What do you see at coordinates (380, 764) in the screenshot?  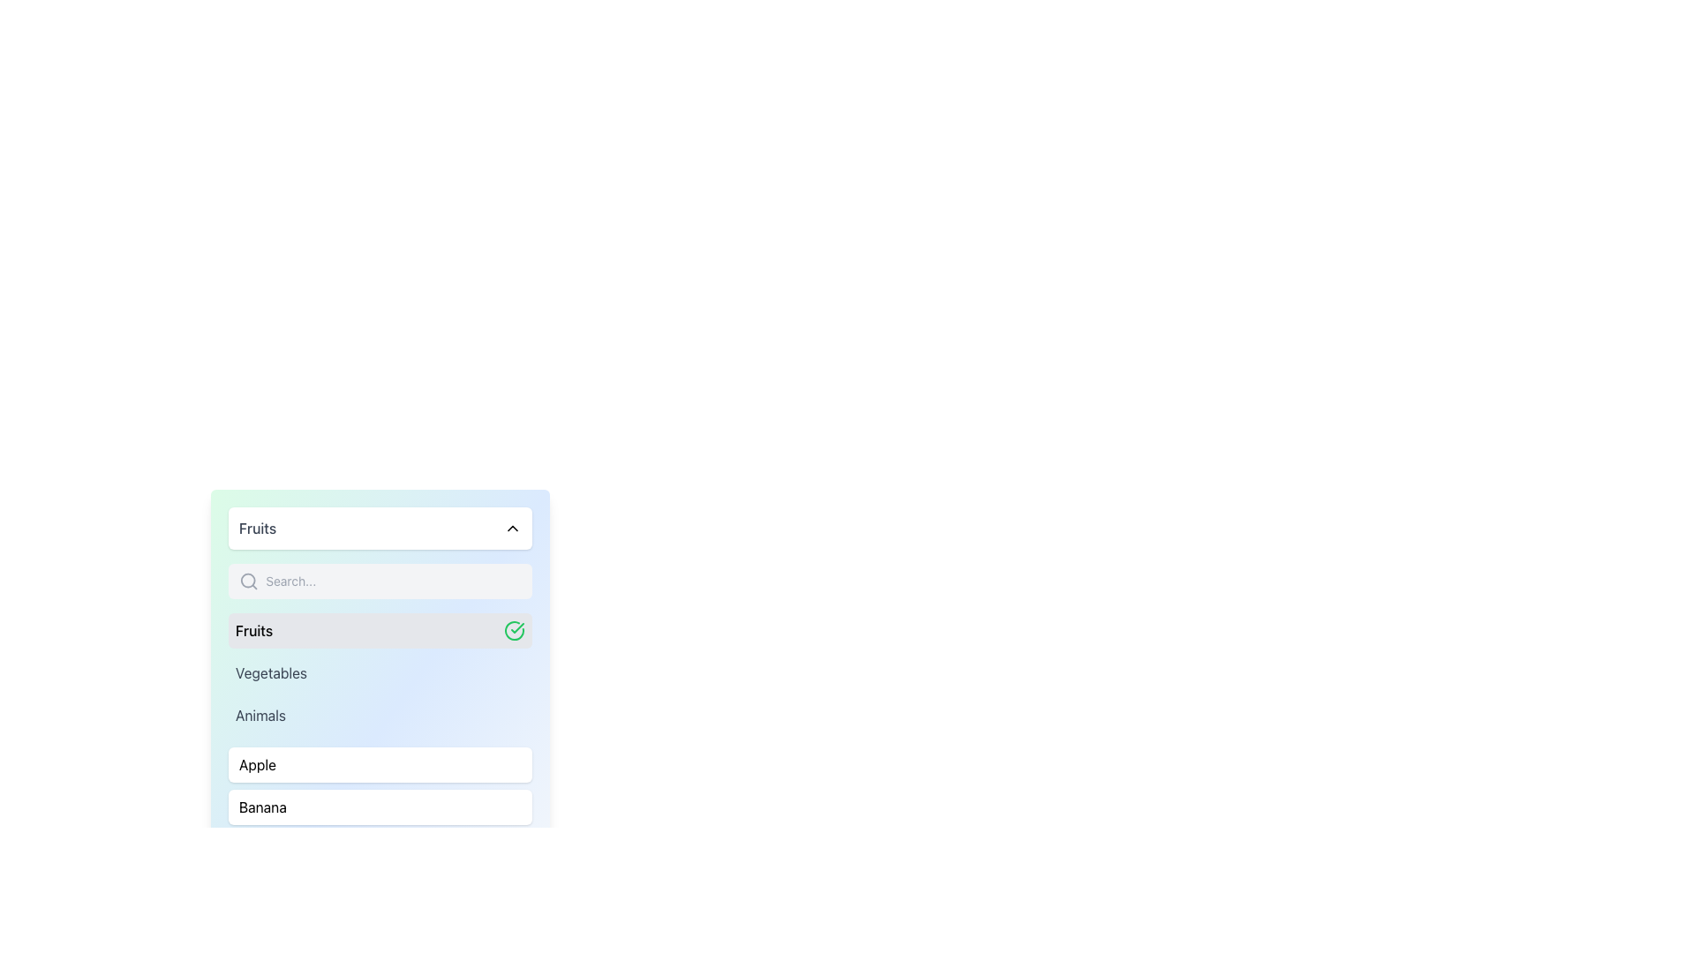 I see `the first selectable list item labeled 'Apple'` at bounding box center [380, 764].